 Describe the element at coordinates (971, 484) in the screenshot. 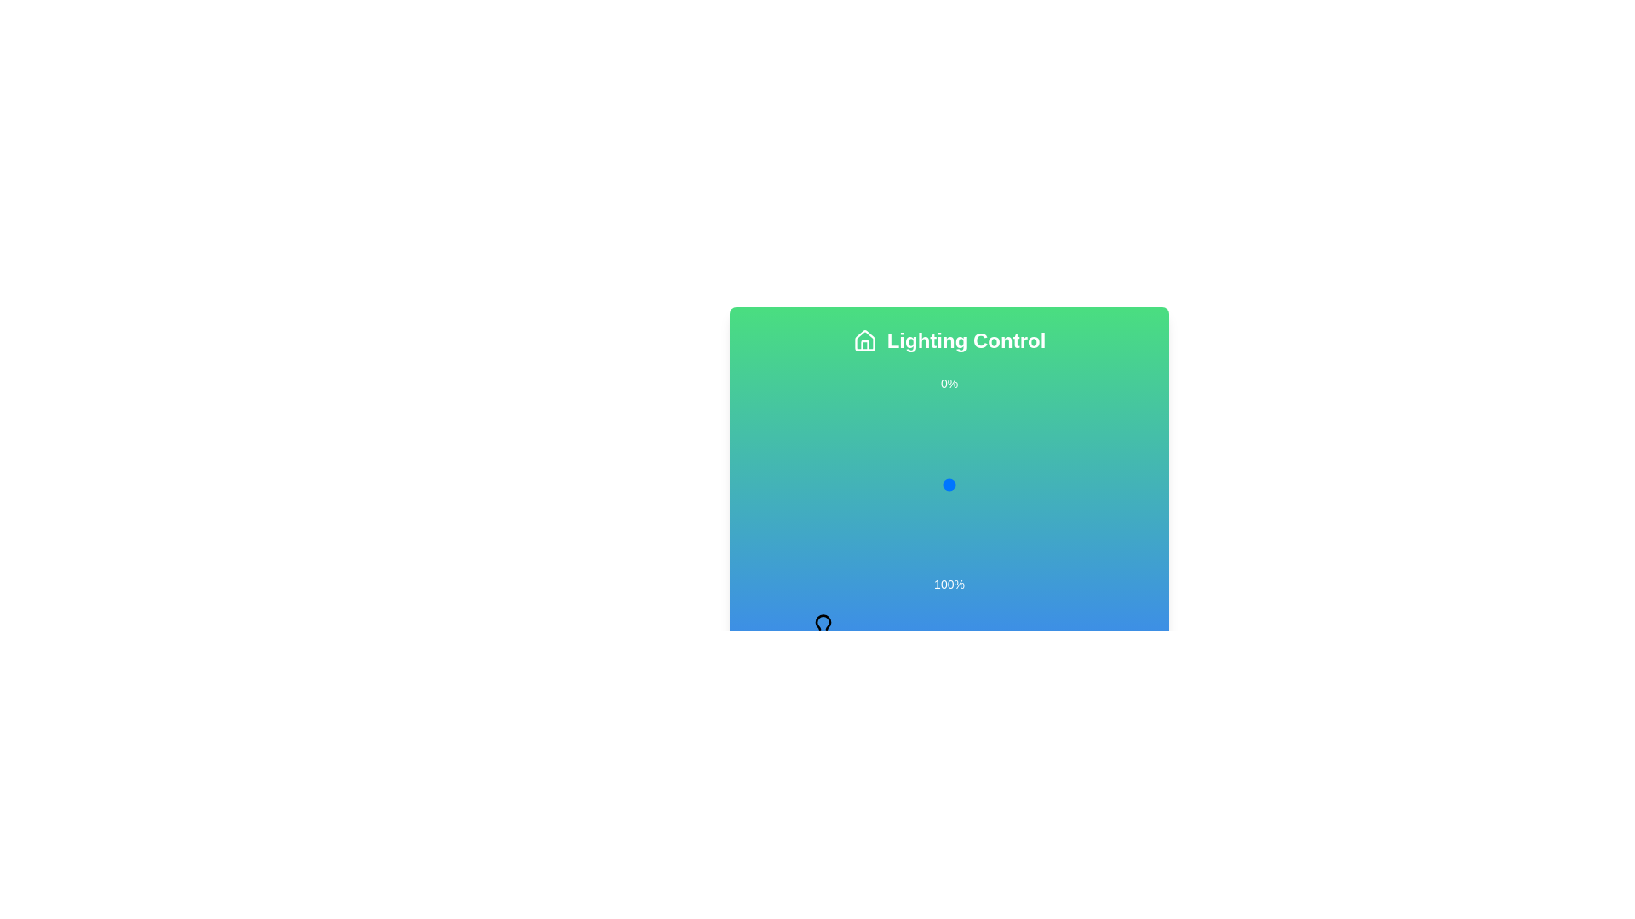

I see `the lighting level percentage` at that location.